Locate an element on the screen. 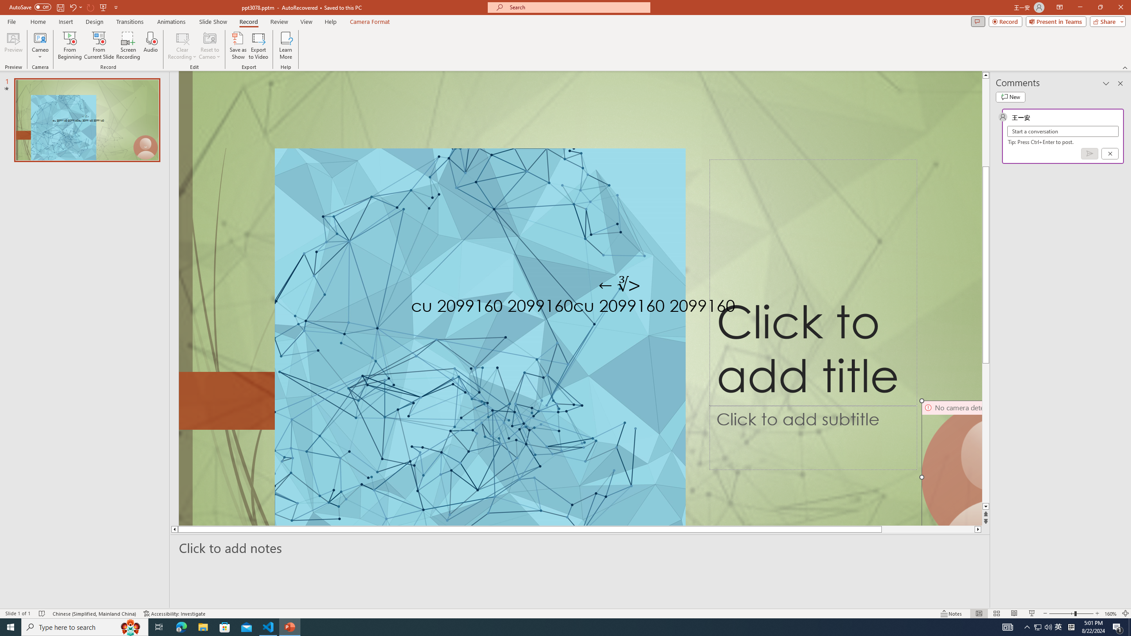 The width and height of the screenshot is (1131, 636). 'Post comment (Ctrl + Enter)' is located at coordinates (1089, 154).